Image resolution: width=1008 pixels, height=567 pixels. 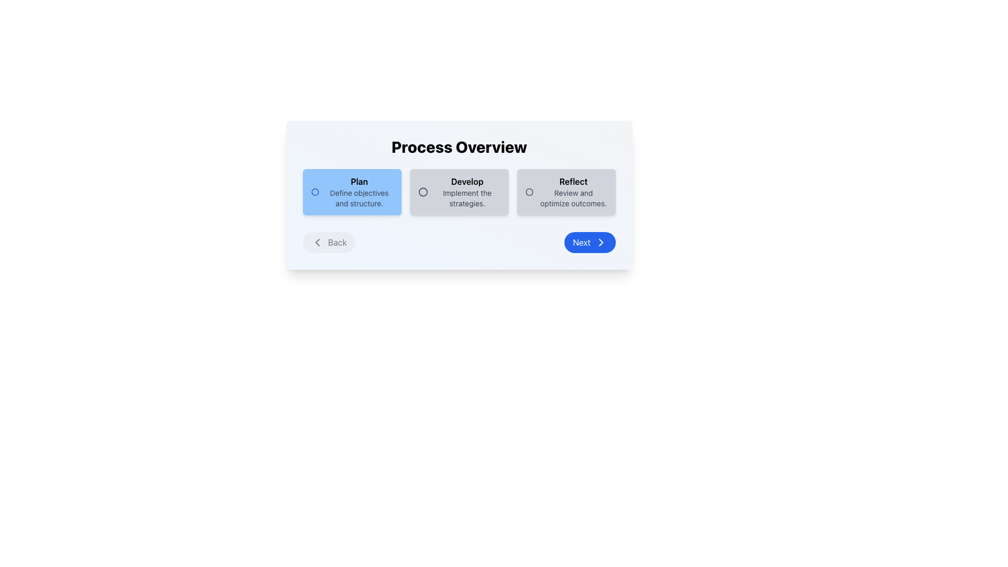 I want to click on the gray circular radio button located in the 'Reflect' section of the process overview interface, so click(x=529, y=192).